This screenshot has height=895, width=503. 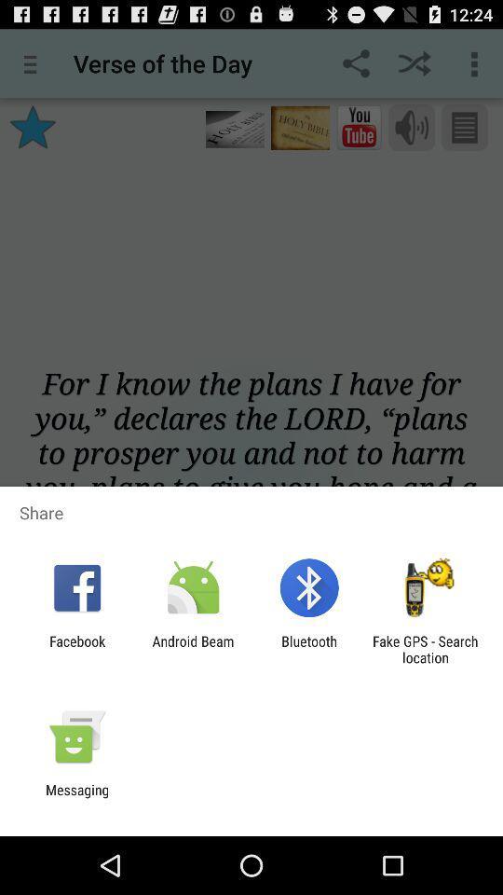 What do you see at coordinates (425, 649) in the screenshot?
I see `the item next to the bluetooth icon` at bounding box center [425, 649].